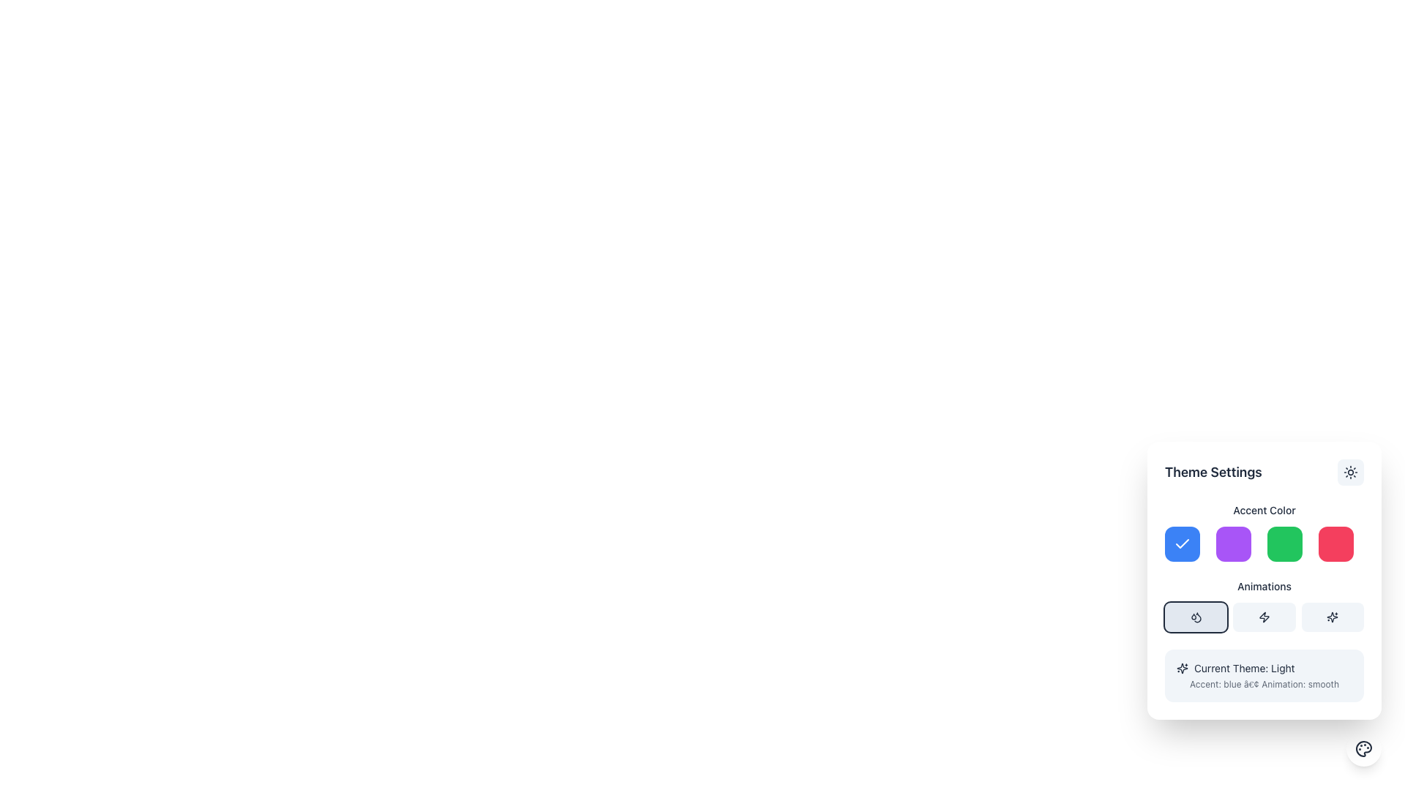  What do you see at coordinates (1333, 617) in the screenshot?
I see `the toggle button for the sparkles animation setting in the theme customization panel` at bounding box center [1333, 617].